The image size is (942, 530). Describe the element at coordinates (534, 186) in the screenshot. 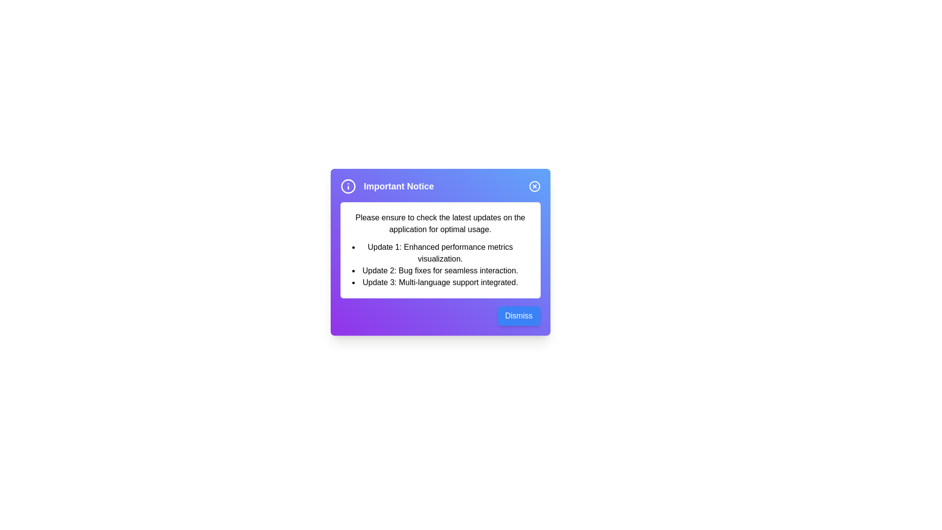

I see `the close icon to observe a visual change` at that location.